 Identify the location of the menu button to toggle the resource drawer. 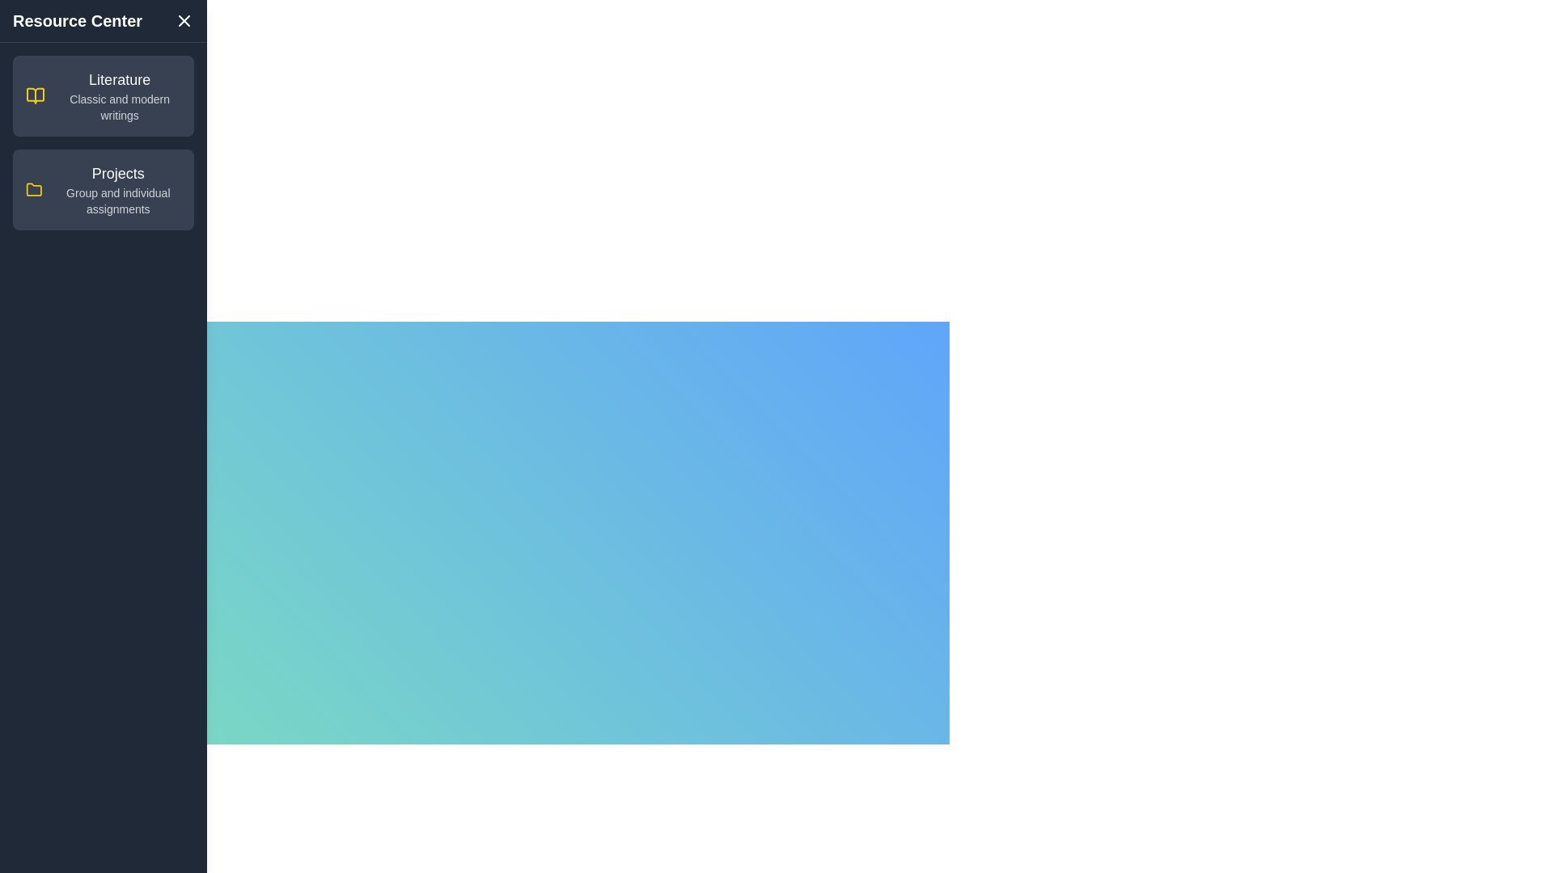
(141, 348).